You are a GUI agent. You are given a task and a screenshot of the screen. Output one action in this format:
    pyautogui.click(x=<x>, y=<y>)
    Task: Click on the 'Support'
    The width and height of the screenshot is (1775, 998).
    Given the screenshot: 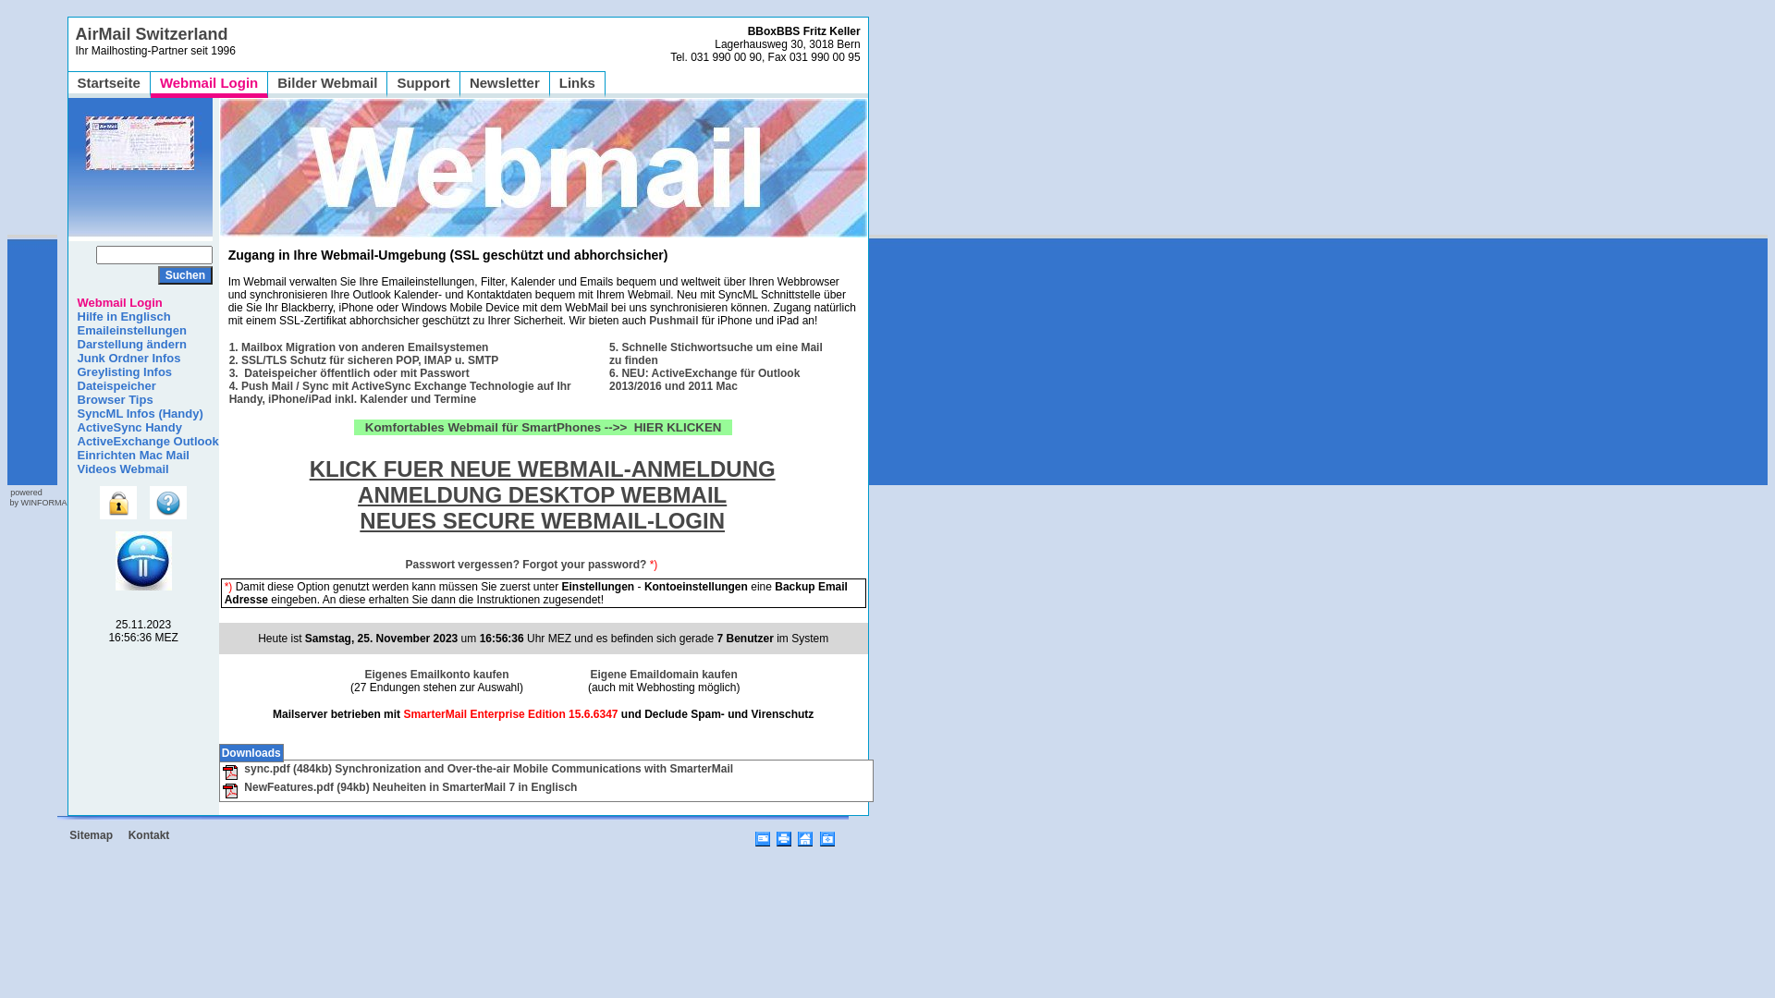 What is the action you would take?
    pyautogui.click(x=422, y=81)
    